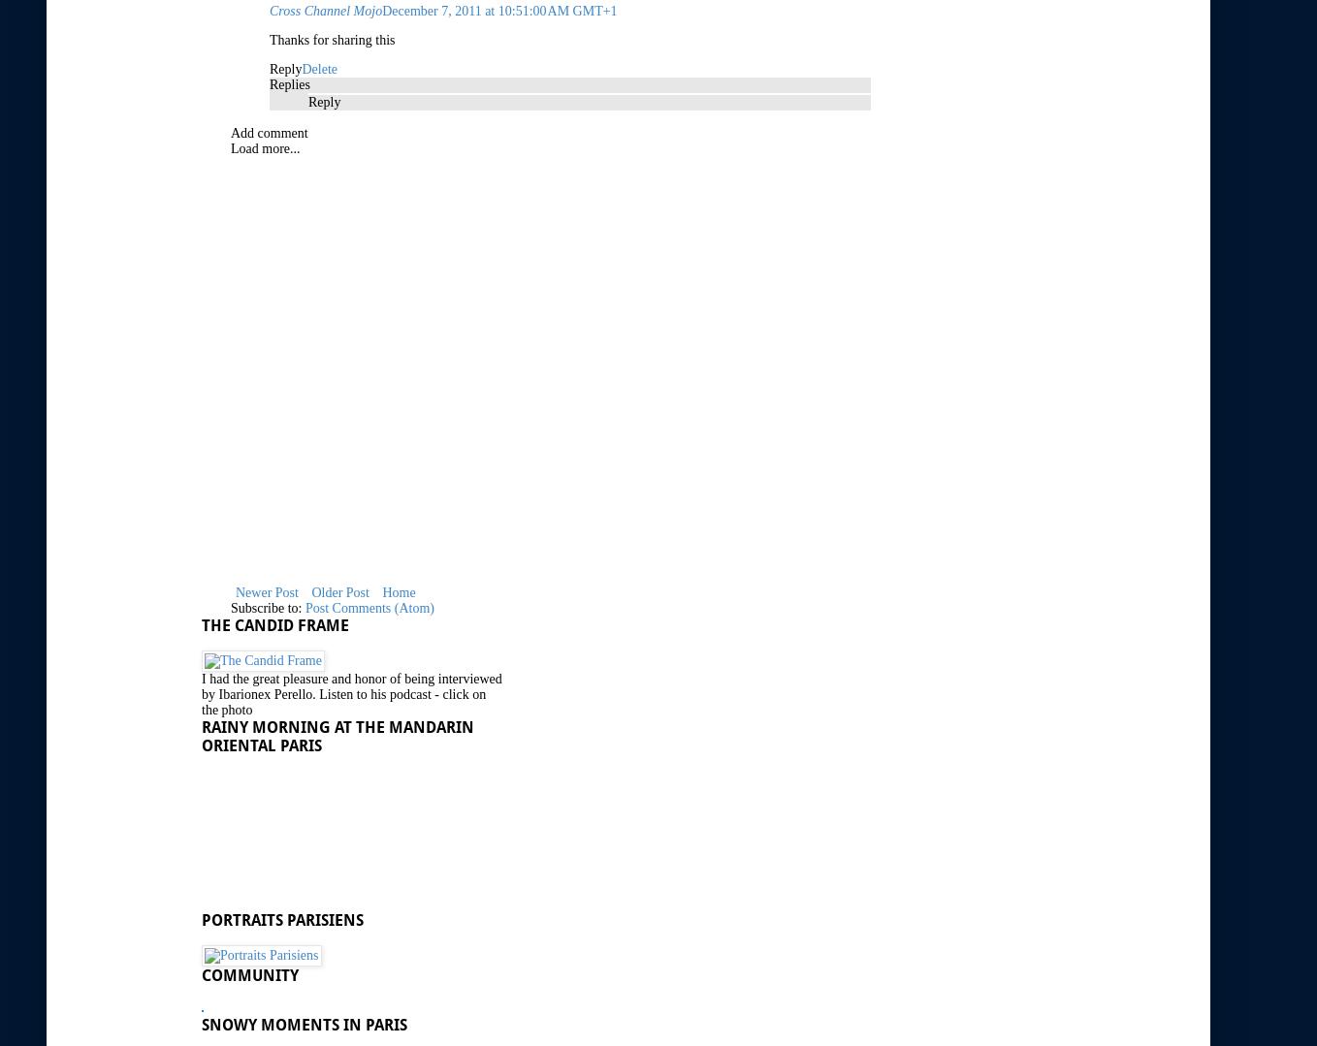 The width and height of the screenshot is (1317, 1046). What do you see at coordinates (230, 606) in the screenshot?
I see `'Subscribe to:'` at bounding box center [230, 606].